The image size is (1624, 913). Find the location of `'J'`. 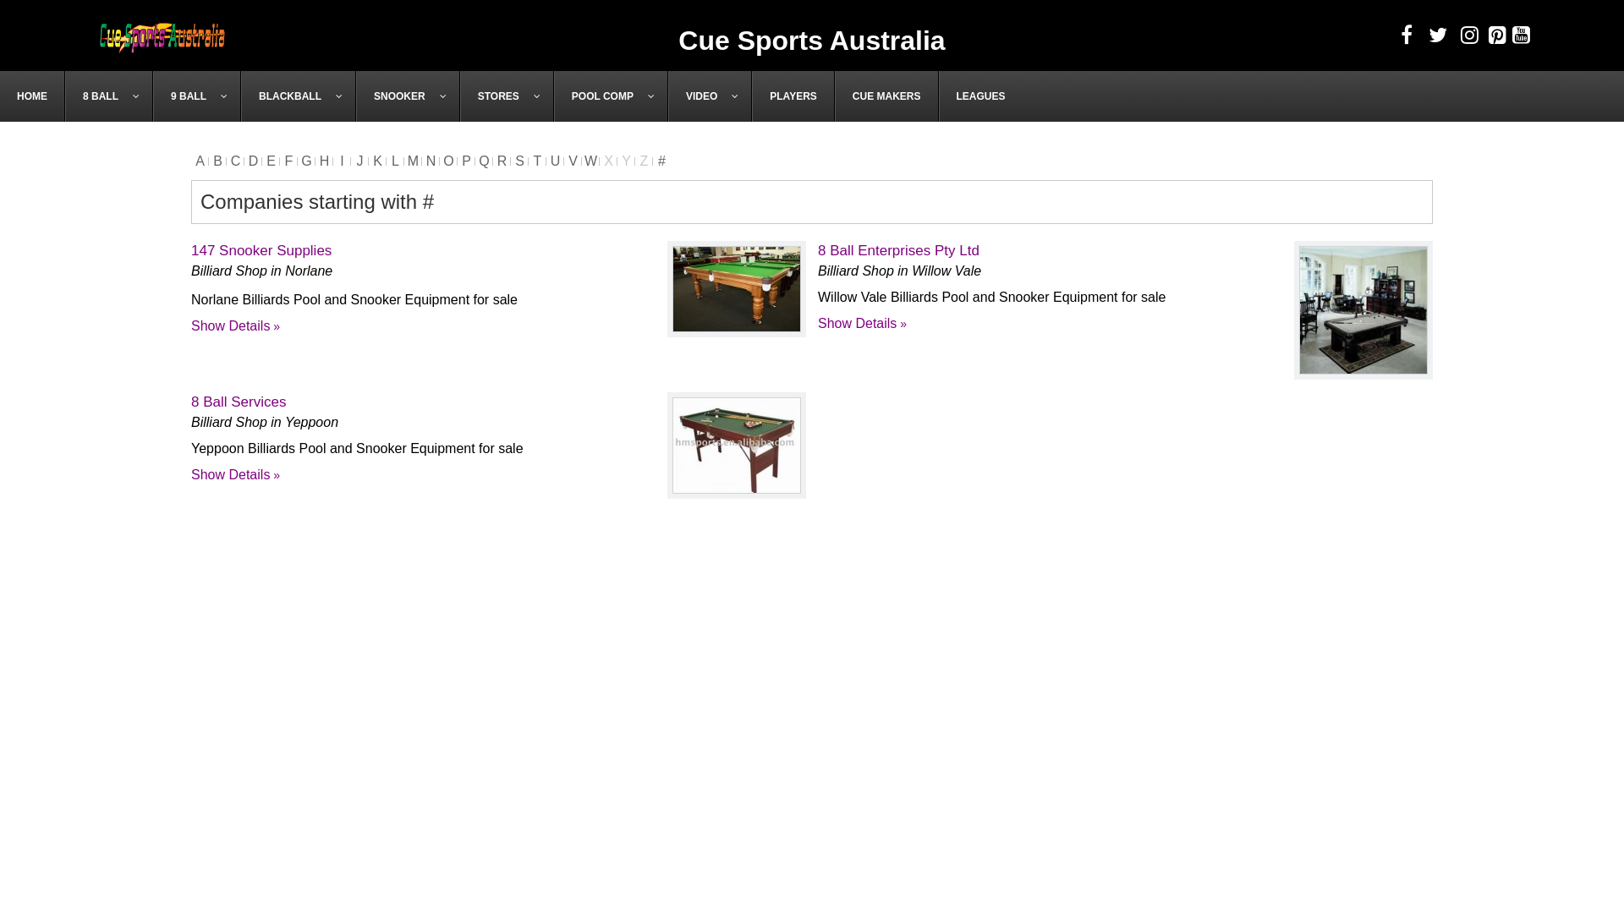

'J' is located at coordinates (359, 161).